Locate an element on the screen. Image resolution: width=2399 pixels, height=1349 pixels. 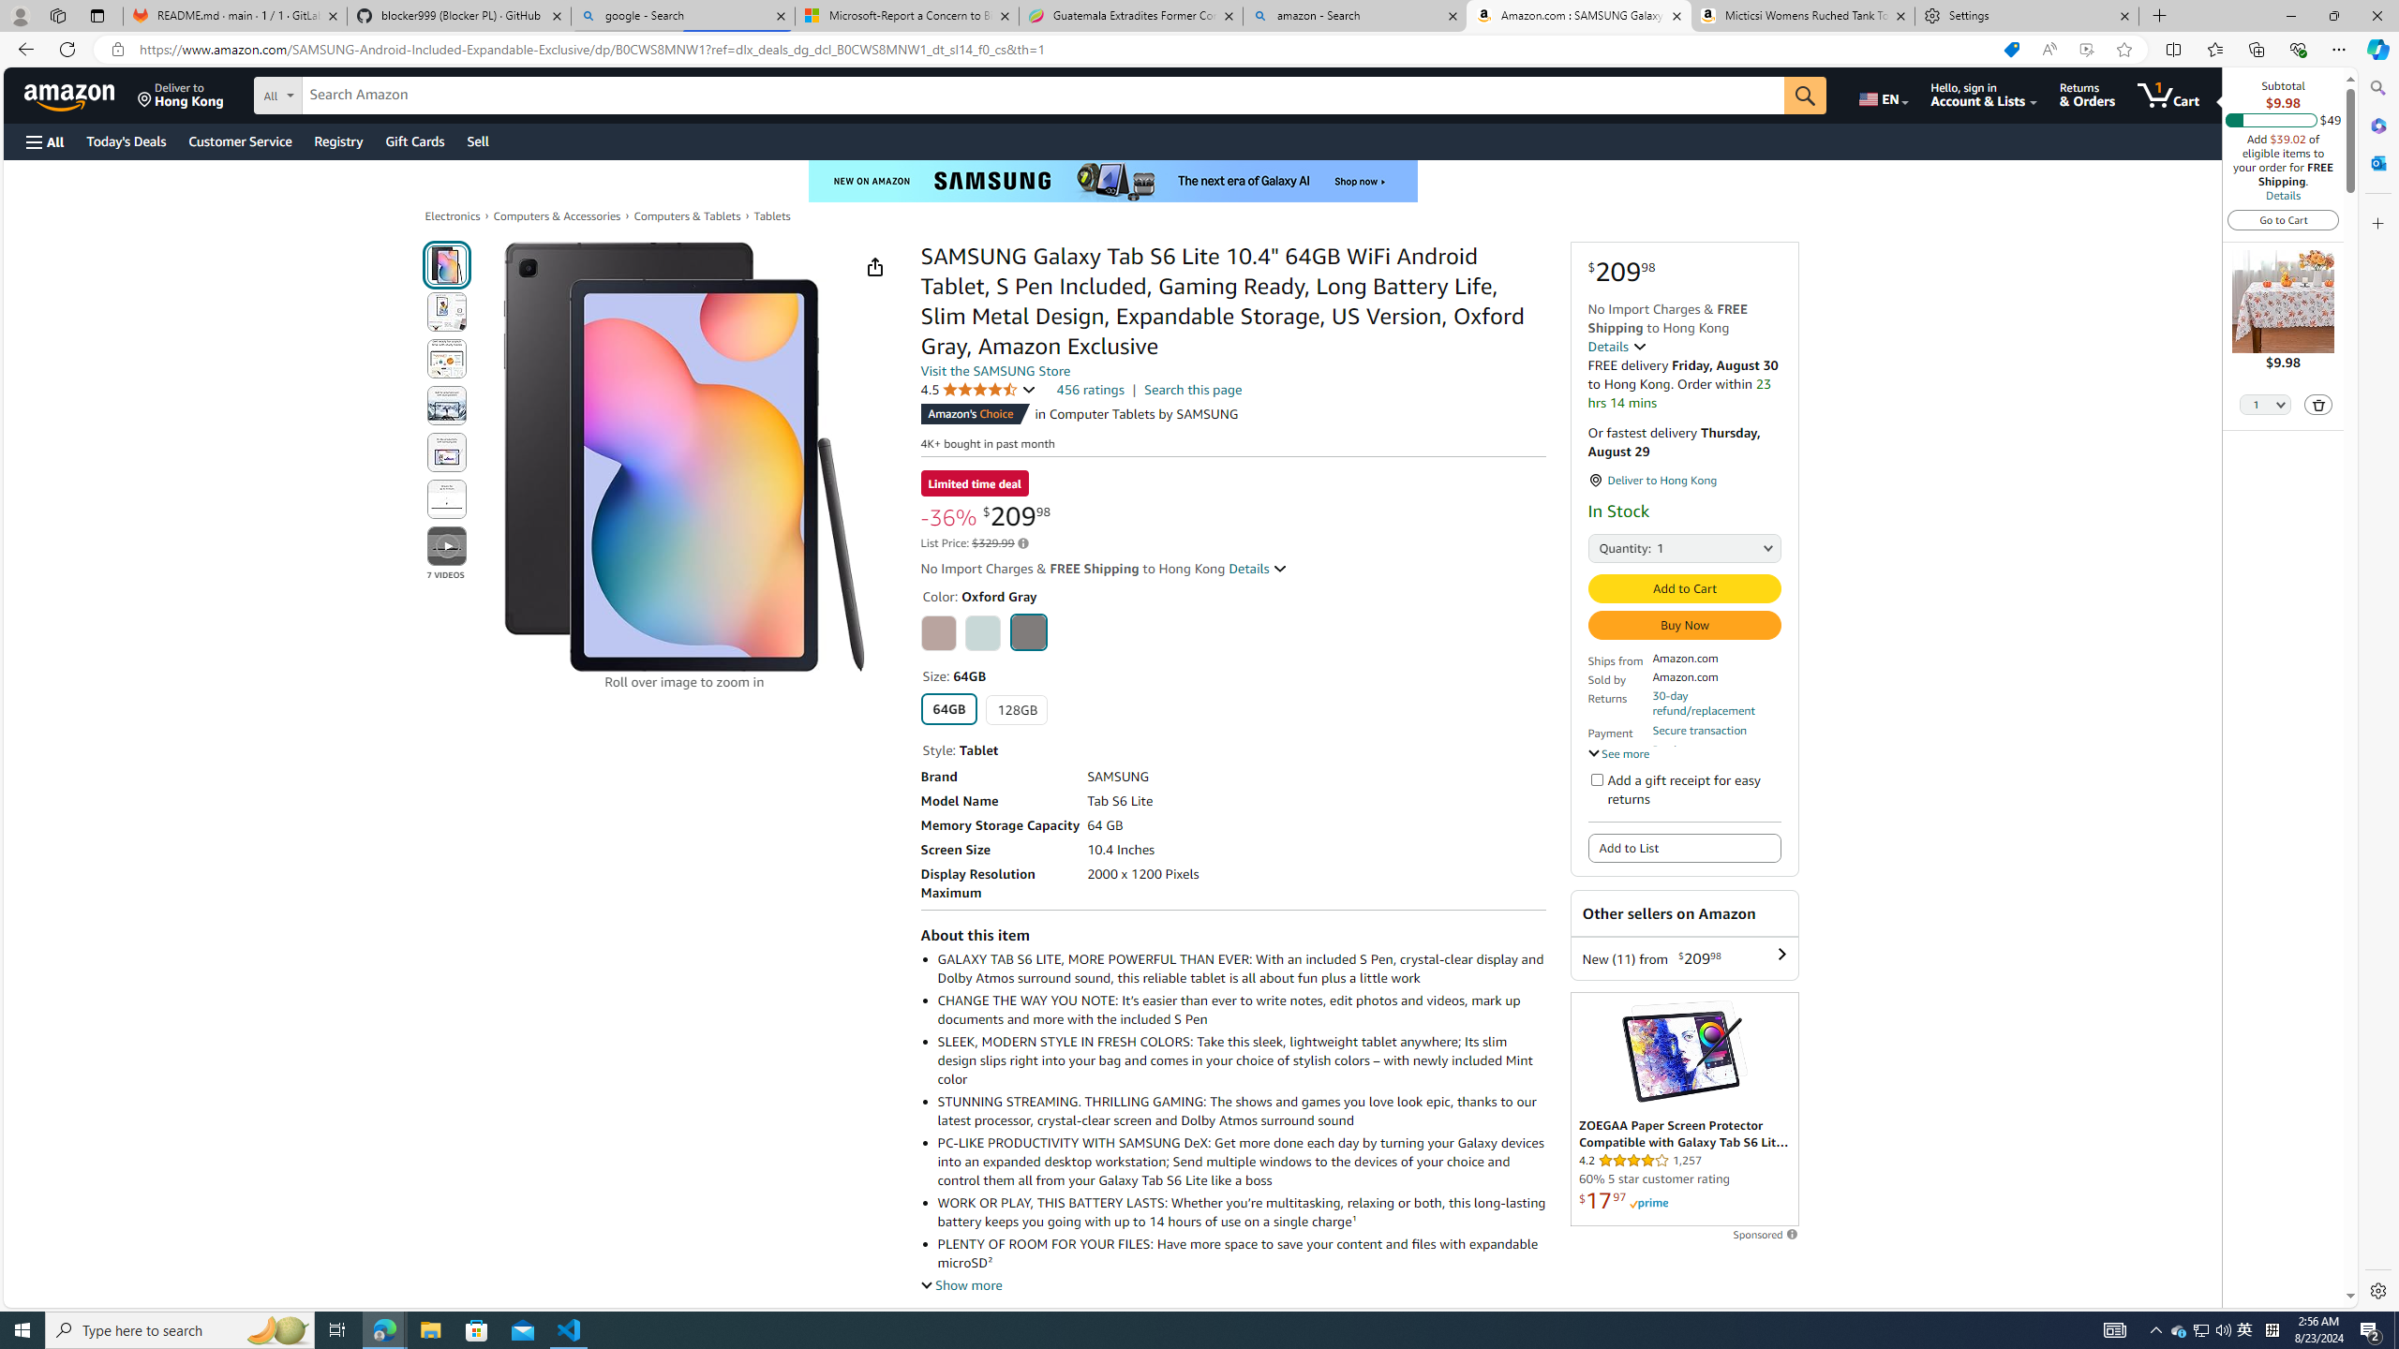
'Visit the SAMSUNG Store' is located at coordinates (994, 370).